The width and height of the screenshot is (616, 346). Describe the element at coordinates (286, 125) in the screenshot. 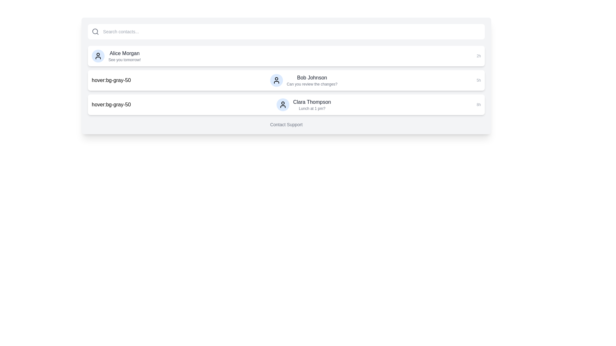

I see `the 'Contact Support' text label, which is displayed in a small, light gray font and is centered horizontally beneath a list of contacts` at that location.